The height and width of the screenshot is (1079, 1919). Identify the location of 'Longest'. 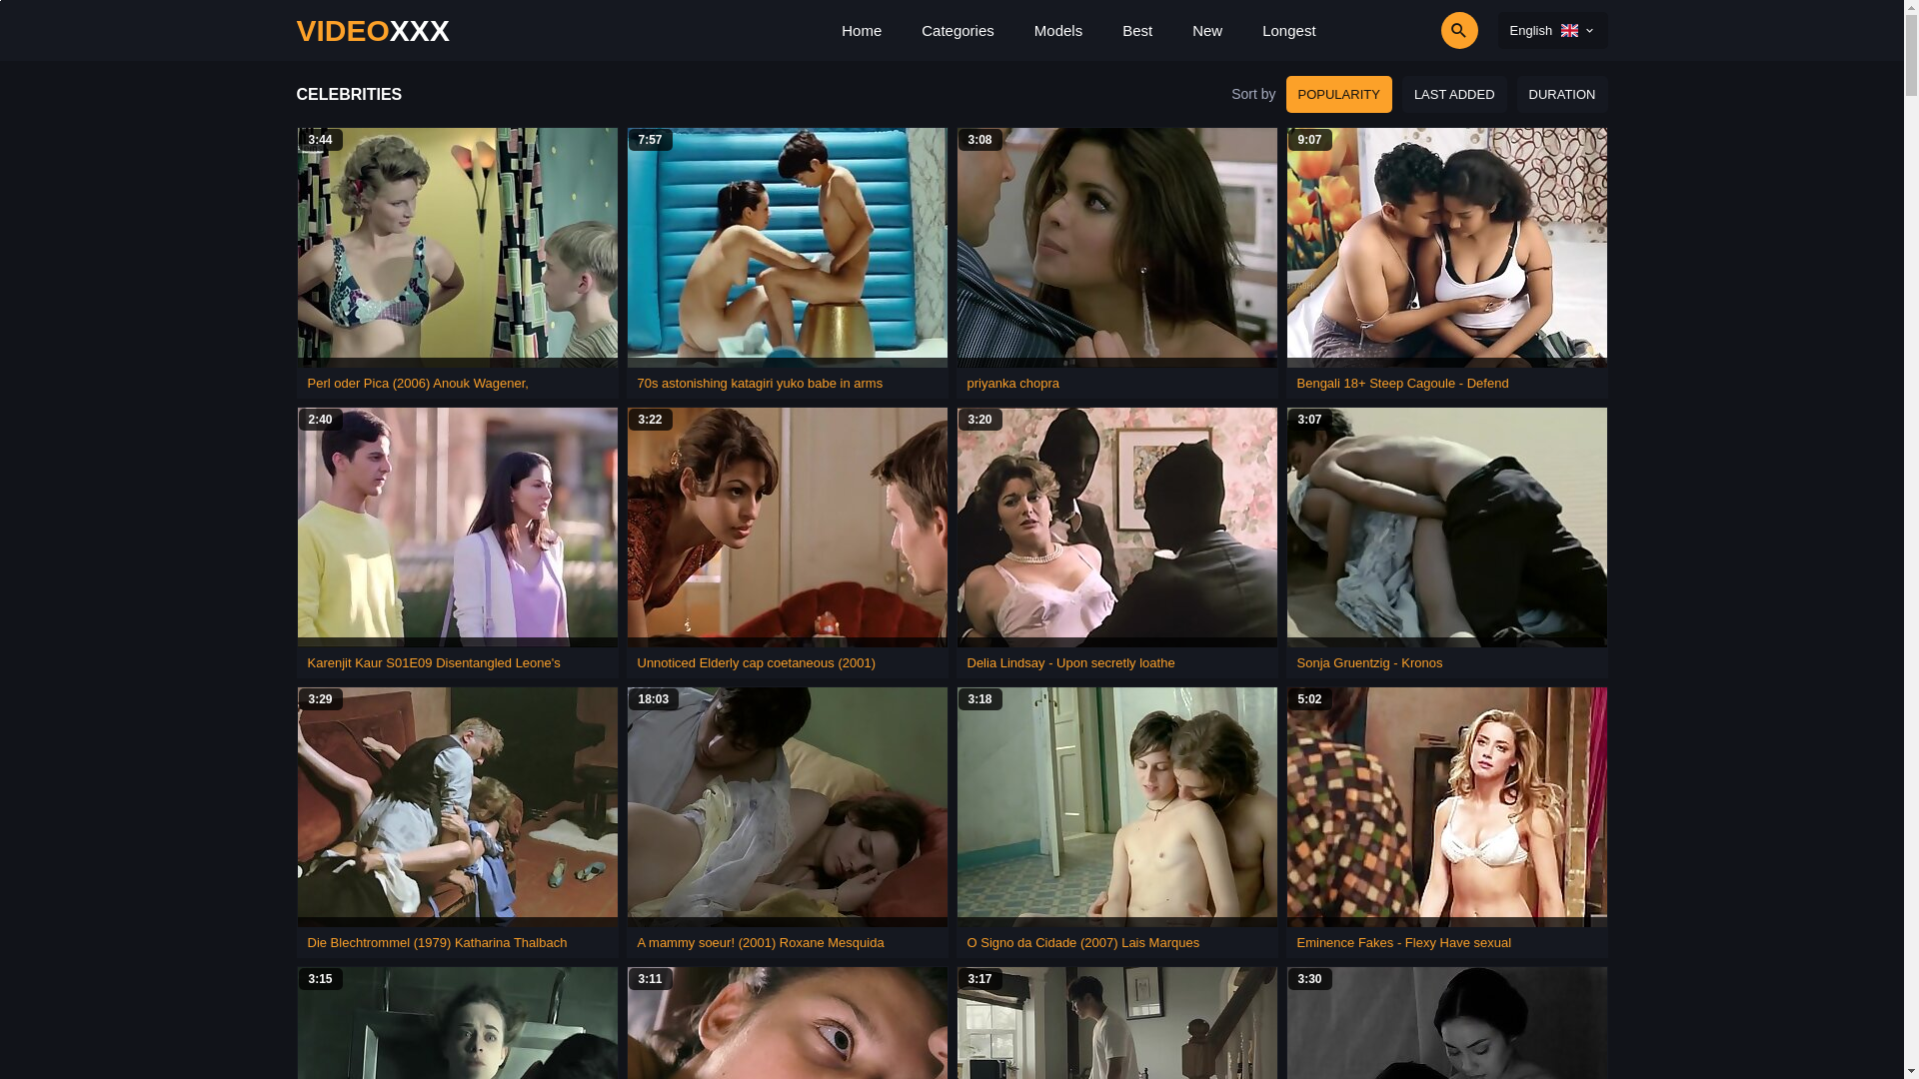
(1288, 30).